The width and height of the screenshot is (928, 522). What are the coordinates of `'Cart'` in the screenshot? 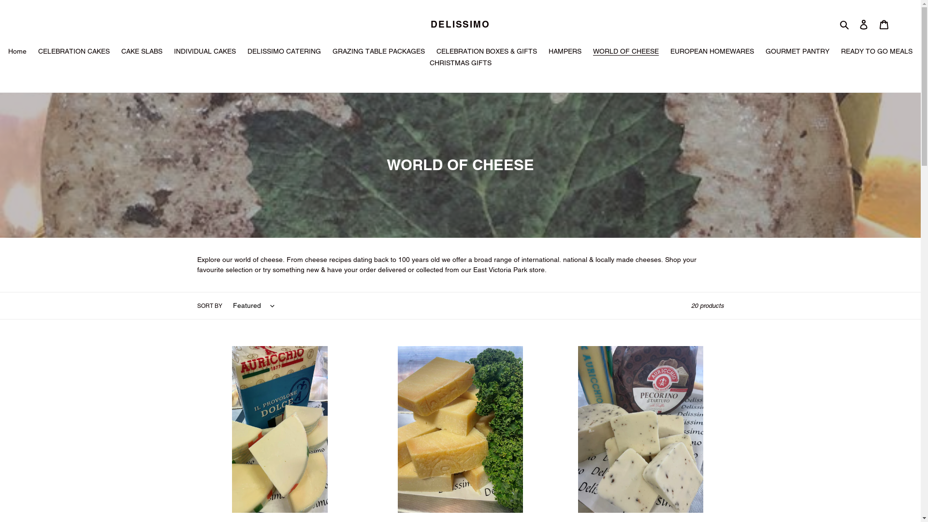 It's located at (884, 24).